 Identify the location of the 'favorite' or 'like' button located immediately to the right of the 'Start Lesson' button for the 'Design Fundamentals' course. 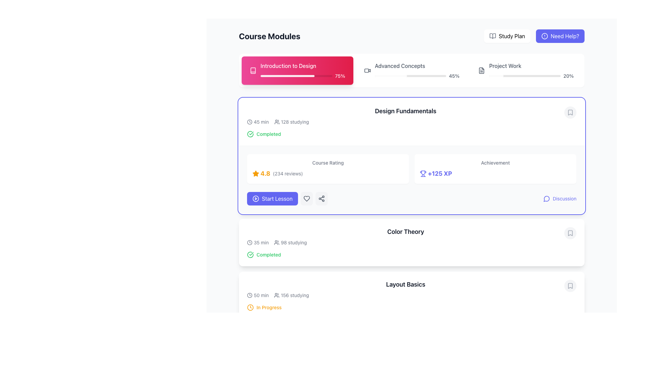
(306, 198).